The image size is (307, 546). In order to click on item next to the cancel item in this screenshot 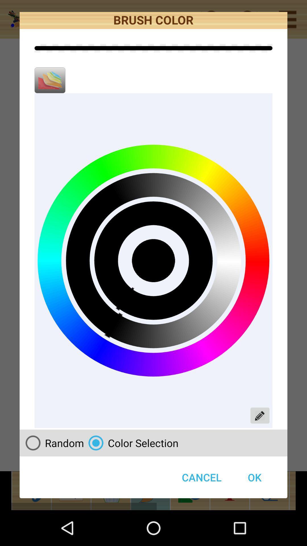, I will do `click(254, 477)`.